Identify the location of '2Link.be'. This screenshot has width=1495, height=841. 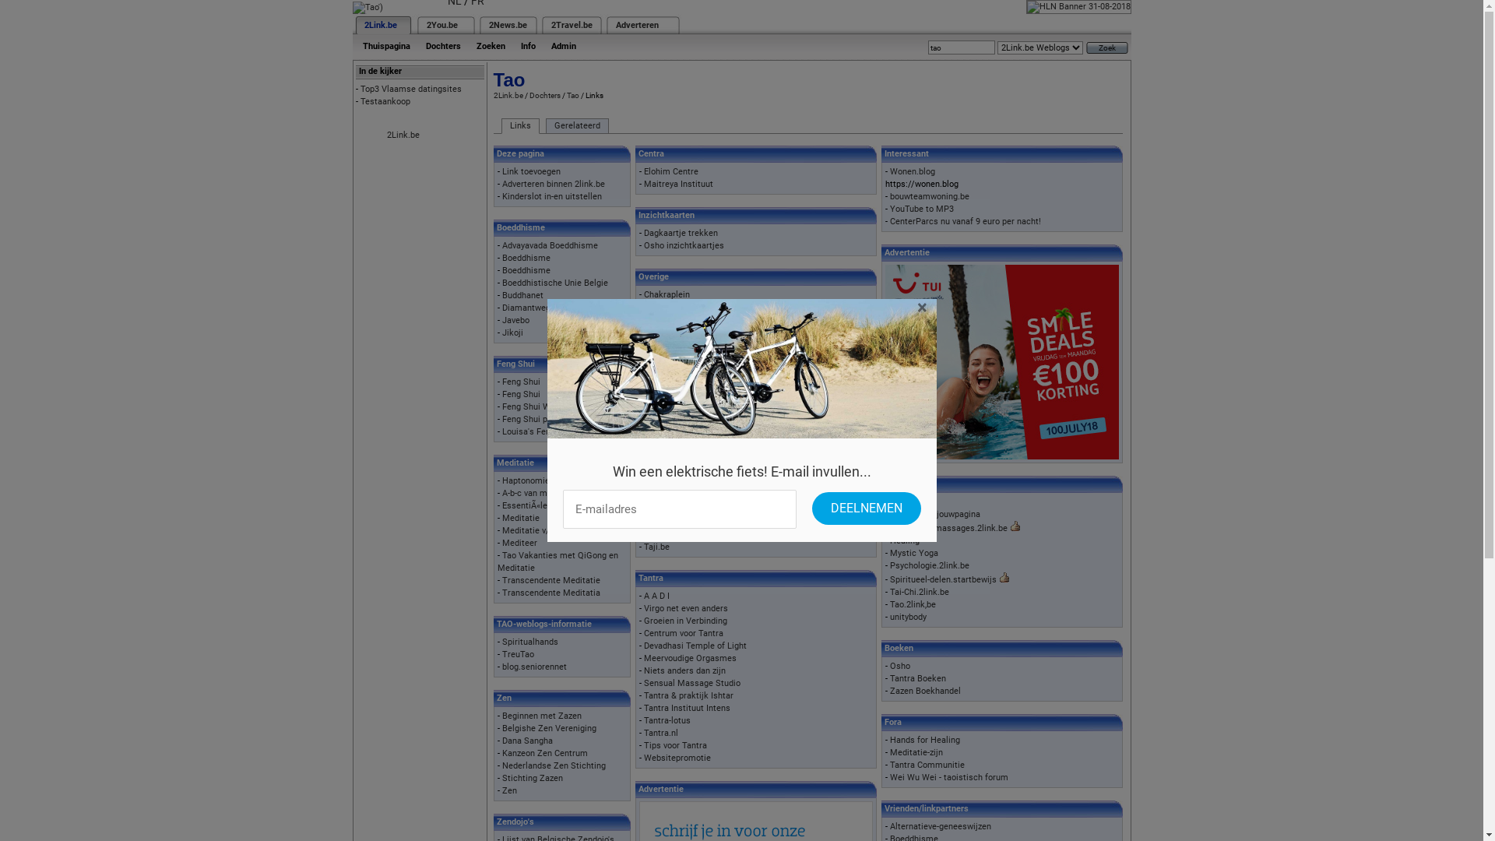
(381, 25).